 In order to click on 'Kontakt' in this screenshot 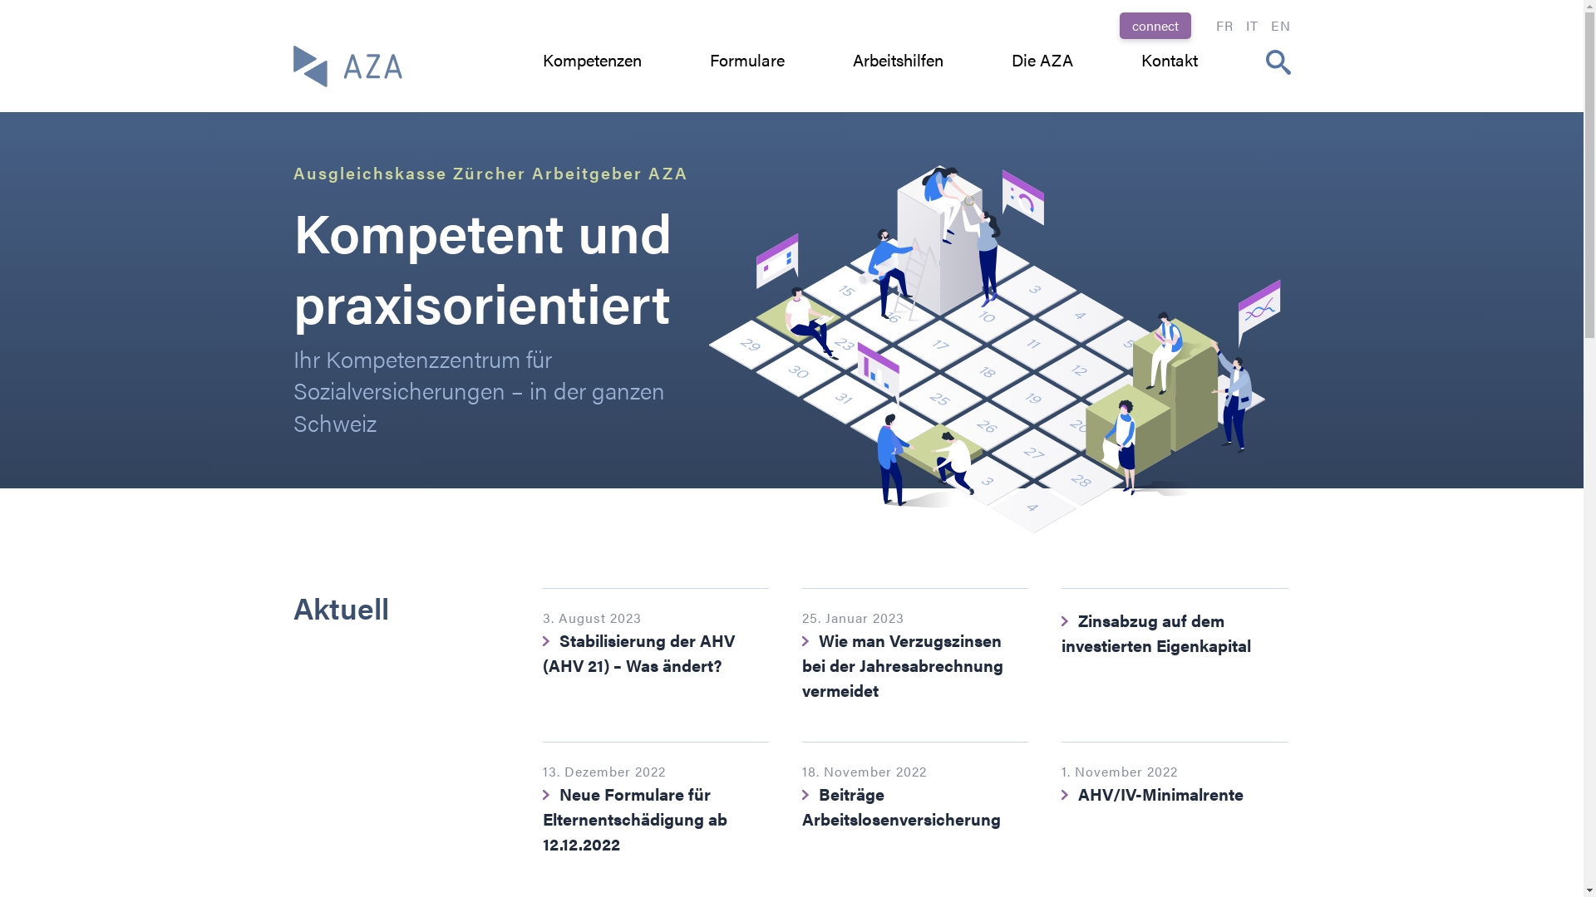, I will do `click(1140, 59)`.